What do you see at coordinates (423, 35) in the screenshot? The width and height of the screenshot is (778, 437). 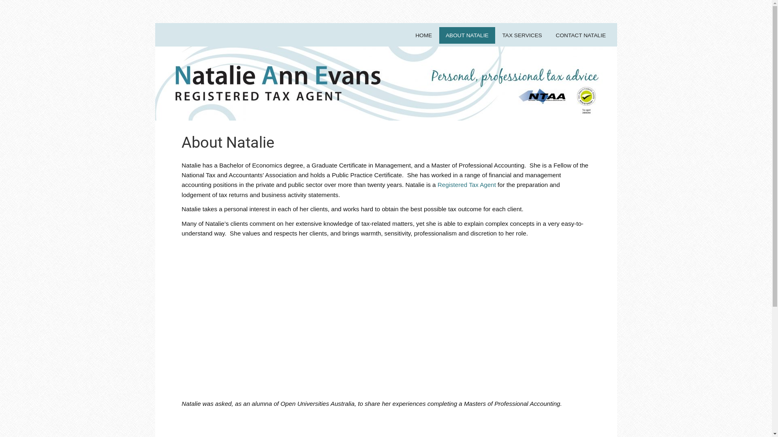 I see `'HOME'` at bounding box center [423, 35].